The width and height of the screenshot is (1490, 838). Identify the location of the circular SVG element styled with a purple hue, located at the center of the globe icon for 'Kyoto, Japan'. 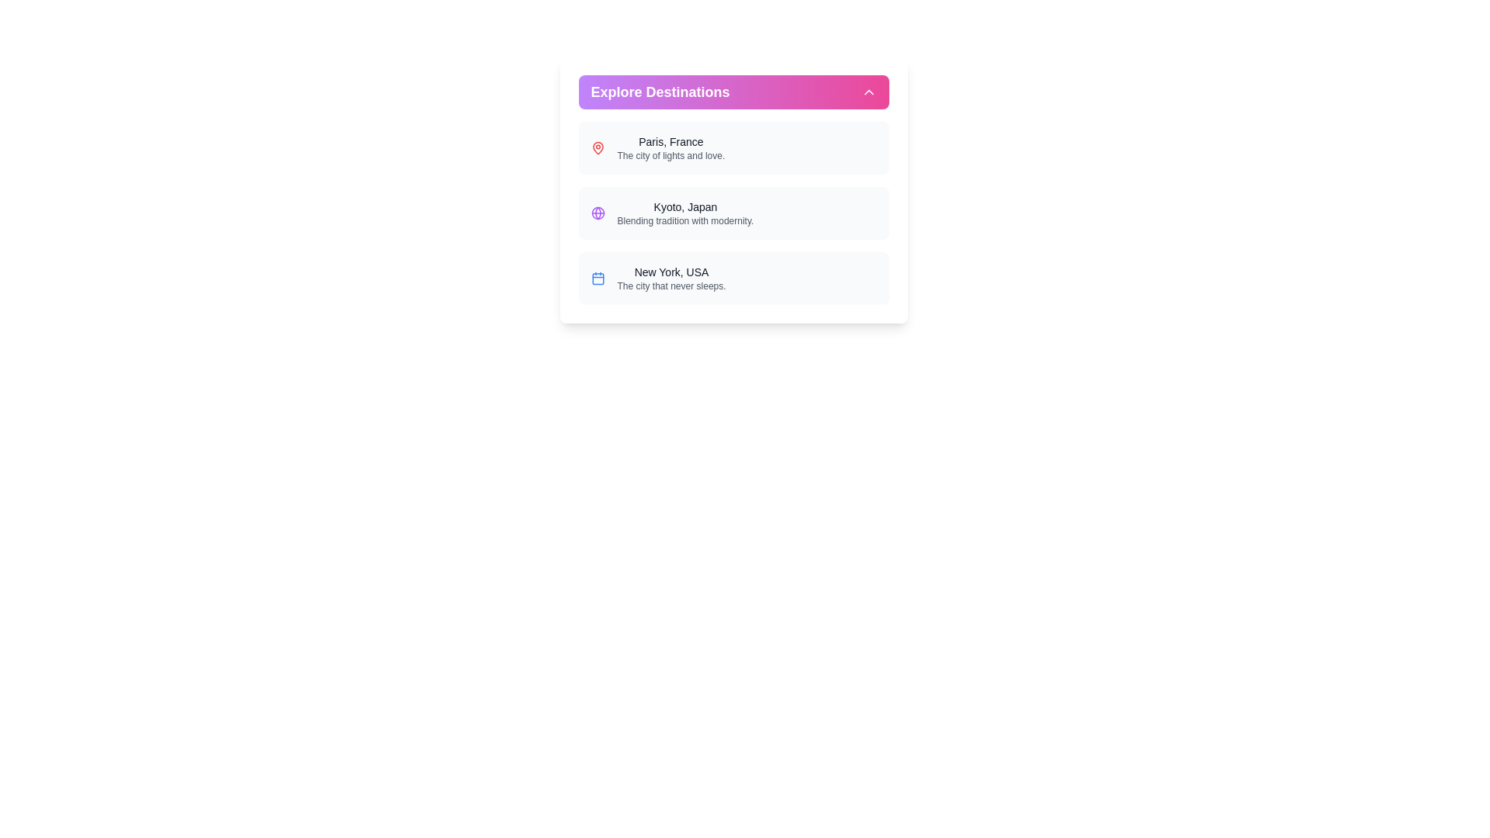
(597, 213).